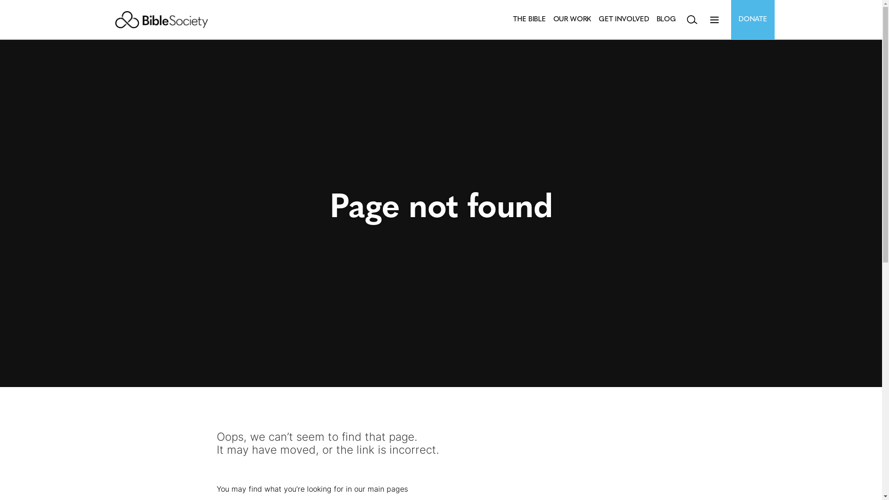 Image resolution: width=889 pixels, height=500 pixels. Describe the element at coordinates (752, 19) in the screenshot. I see `'DONATE'` at that location.